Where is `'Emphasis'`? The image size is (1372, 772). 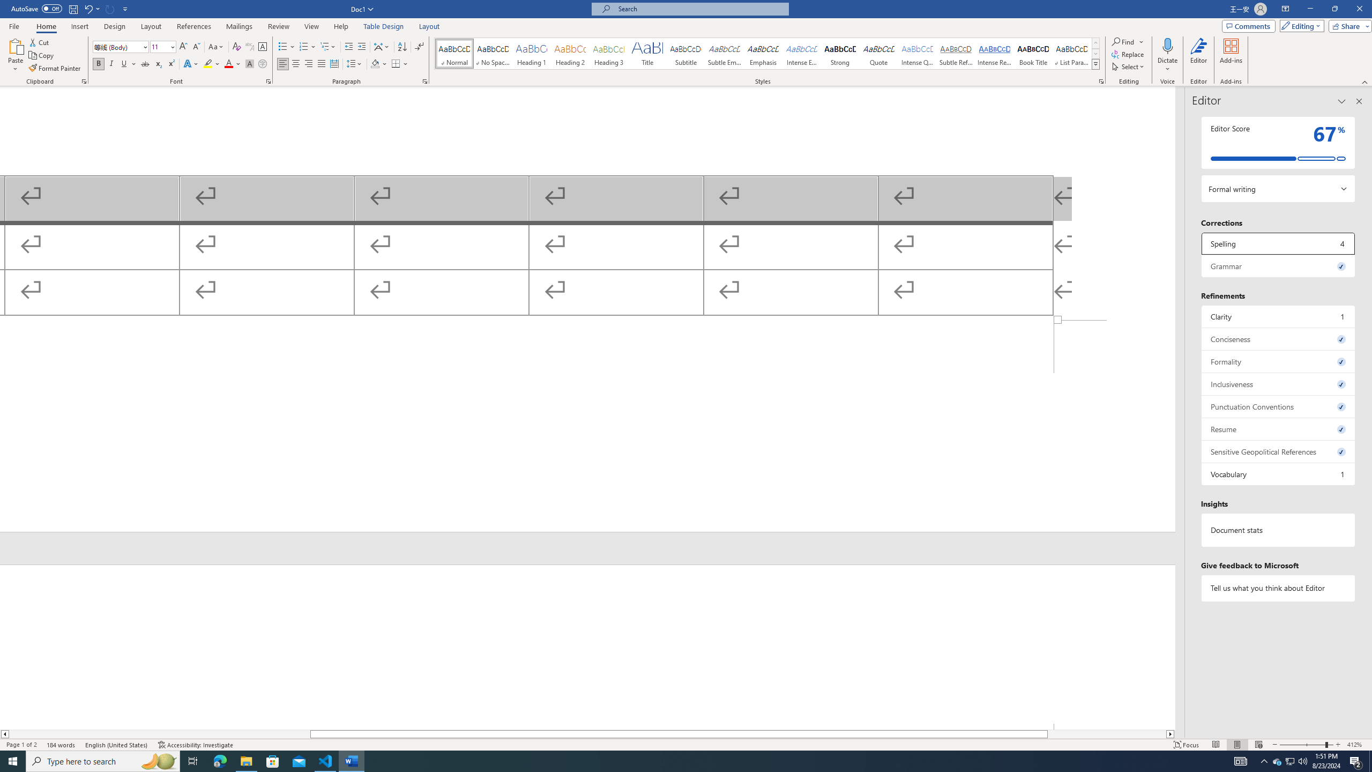
'Emphasis' is located at coordinates (762, 53).